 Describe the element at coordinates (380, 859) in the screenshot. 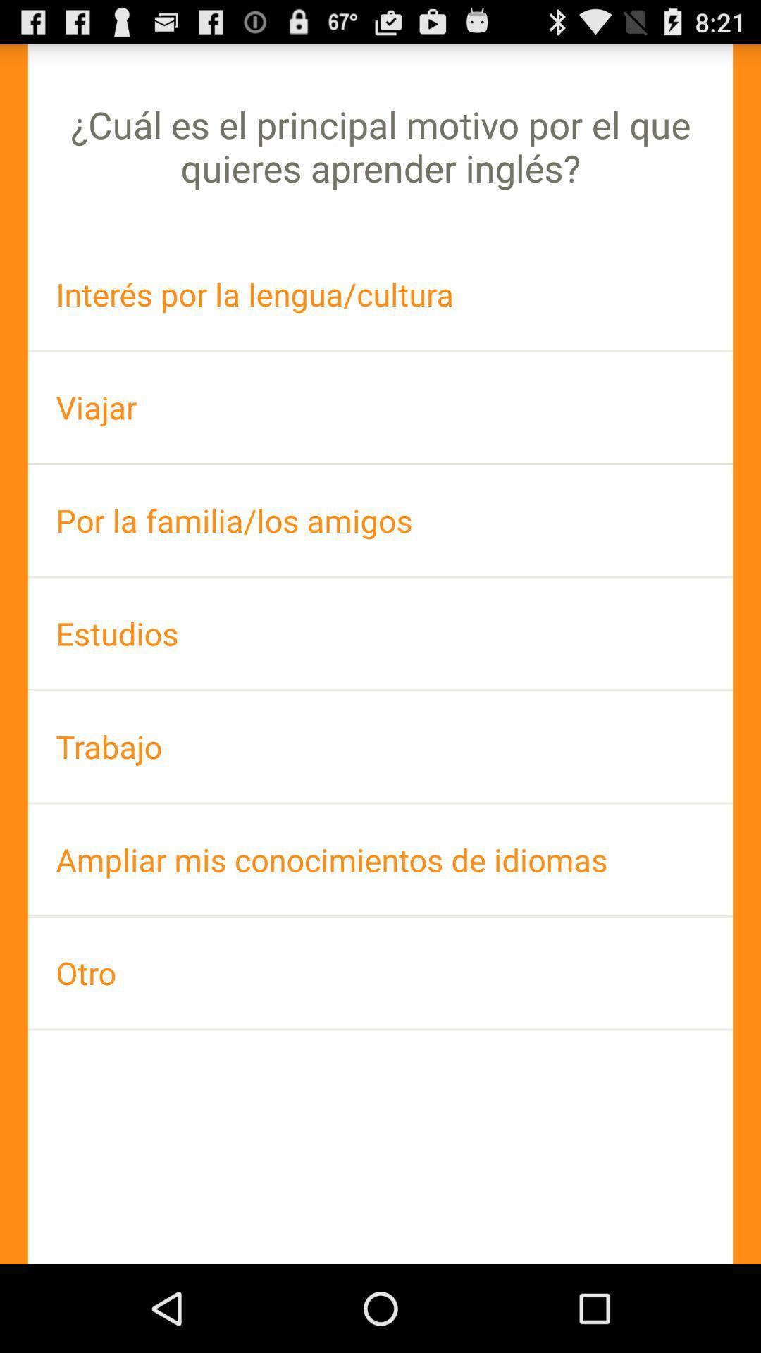

I see `the ampliar mis conocimientos` at that location.